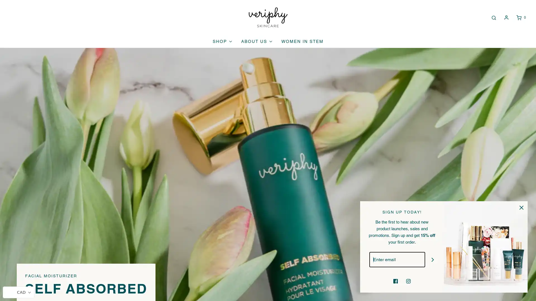 Image resolution: width=536 pixels, height=301 pixels. I want to click on Join, so click(432, 259).